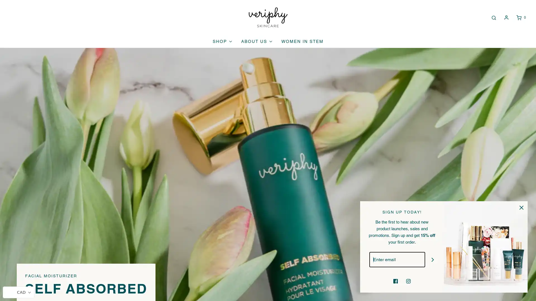 Image resolution: width=536 pixels, height=301 pixels. I want to click on Join, so click(432, 259).